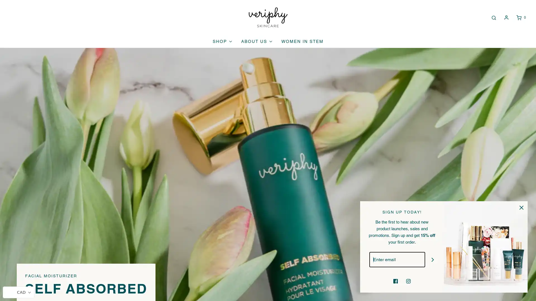 Image resolution: width=536 pixels, height=301 pixels. I want to click on Join, so click(432, 259).